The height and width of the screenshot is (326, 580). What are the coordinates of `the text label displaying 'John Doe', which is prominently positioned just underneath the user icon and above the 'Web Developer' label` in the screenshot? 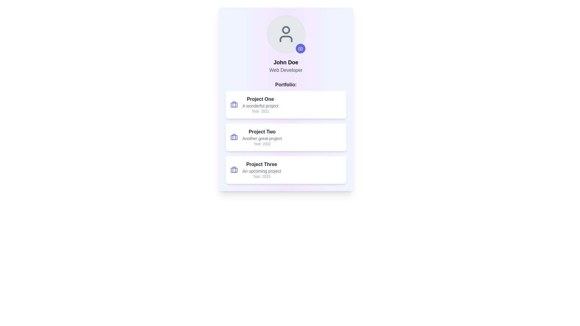 It's located at (285, 62).